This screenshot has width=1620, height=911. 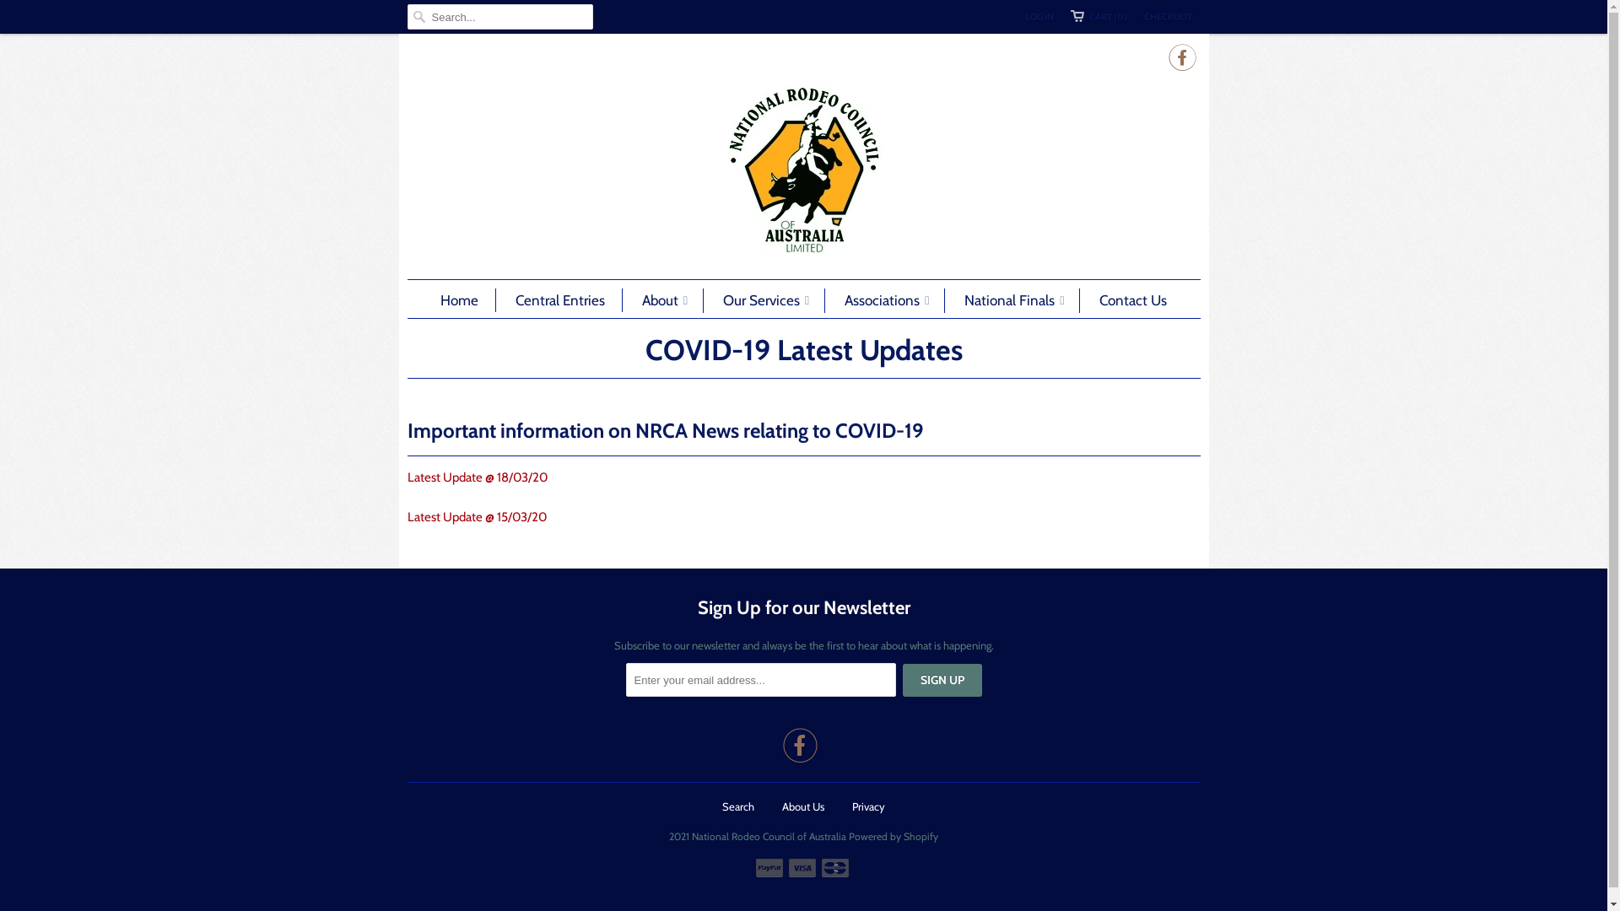 I want to click on 'Contact Us', so click(x=1133, y=299).